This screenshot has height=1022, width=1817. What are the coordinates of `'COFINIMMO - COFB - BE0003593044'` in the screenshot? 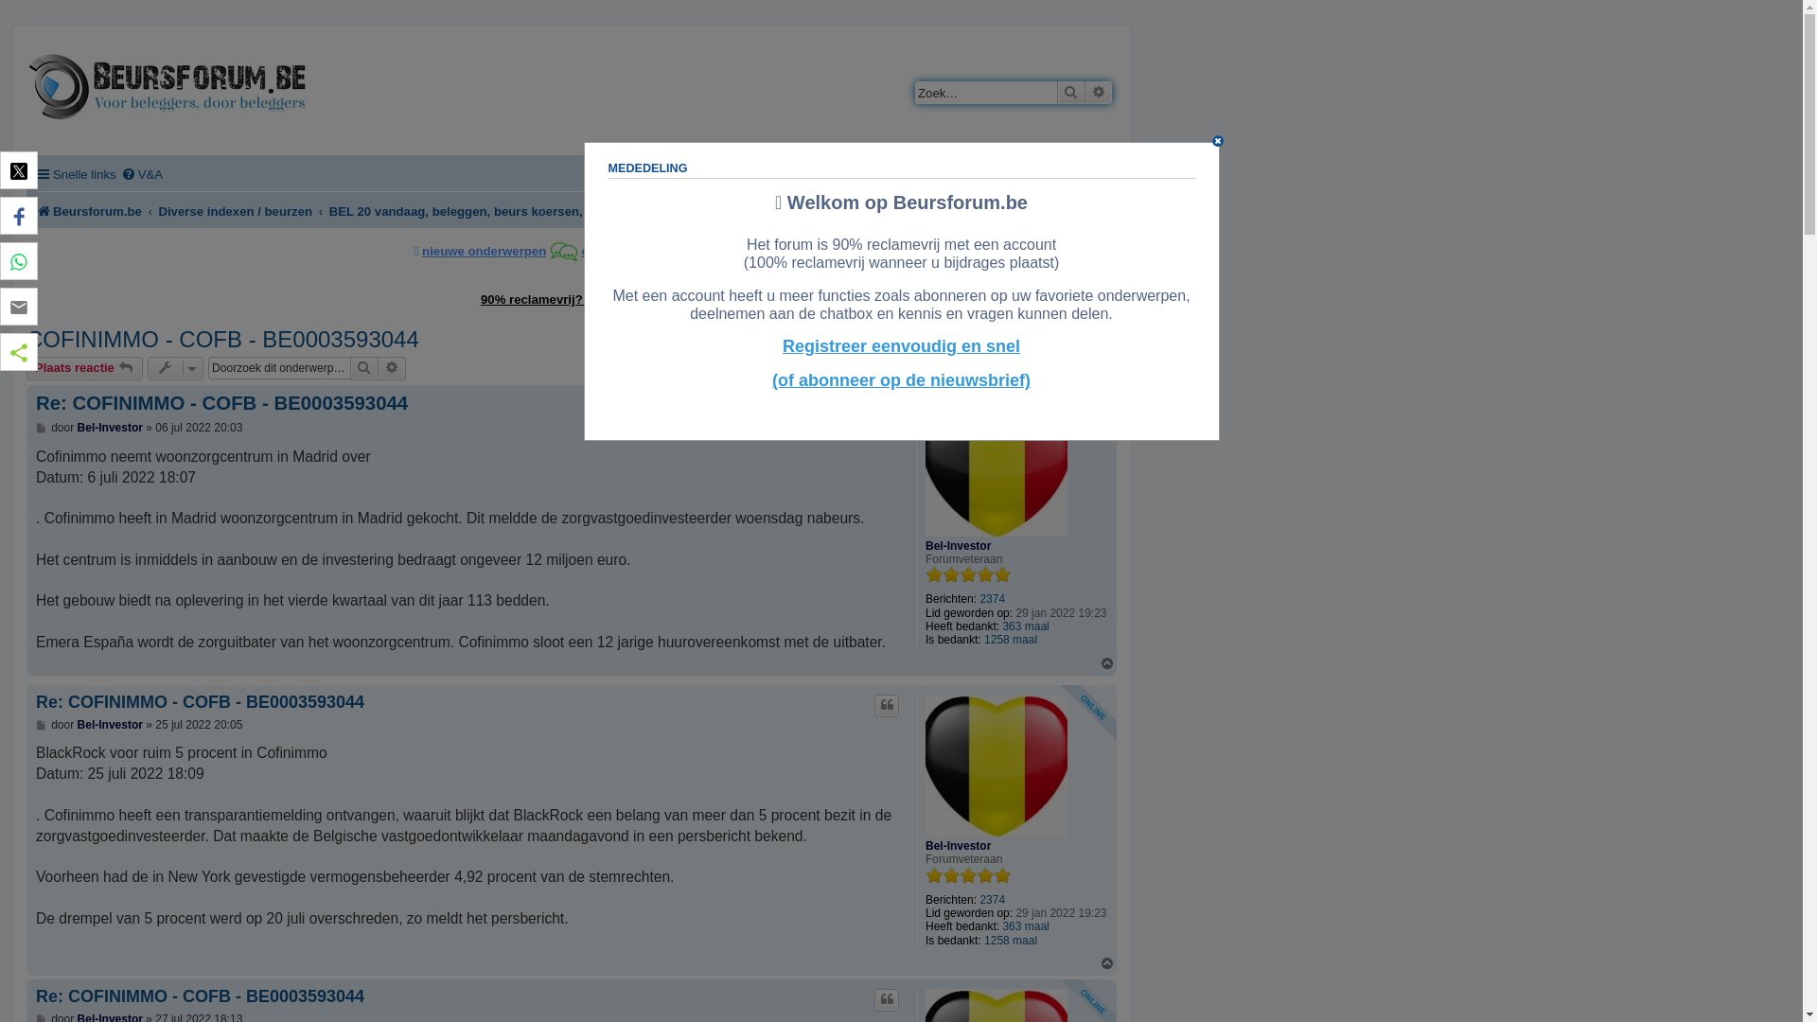 It's located at (222, 338).